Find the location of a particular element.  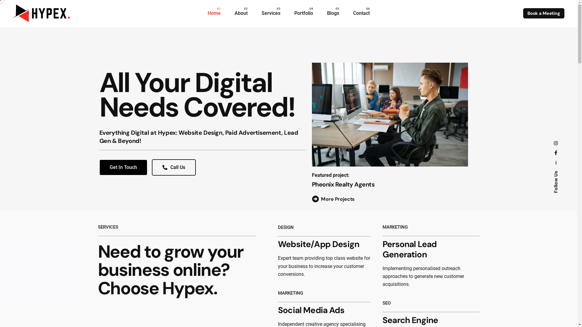

'About' is located at coordinates (241, 13).